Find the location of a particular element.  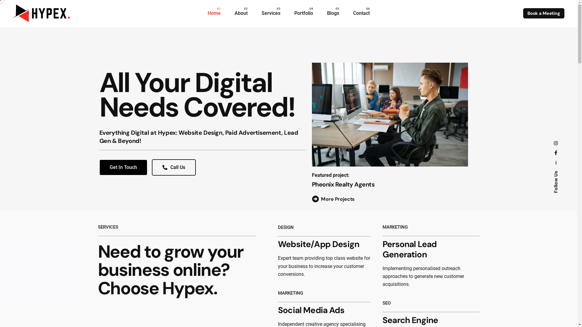

'About' is located at coordinates (241, 13).